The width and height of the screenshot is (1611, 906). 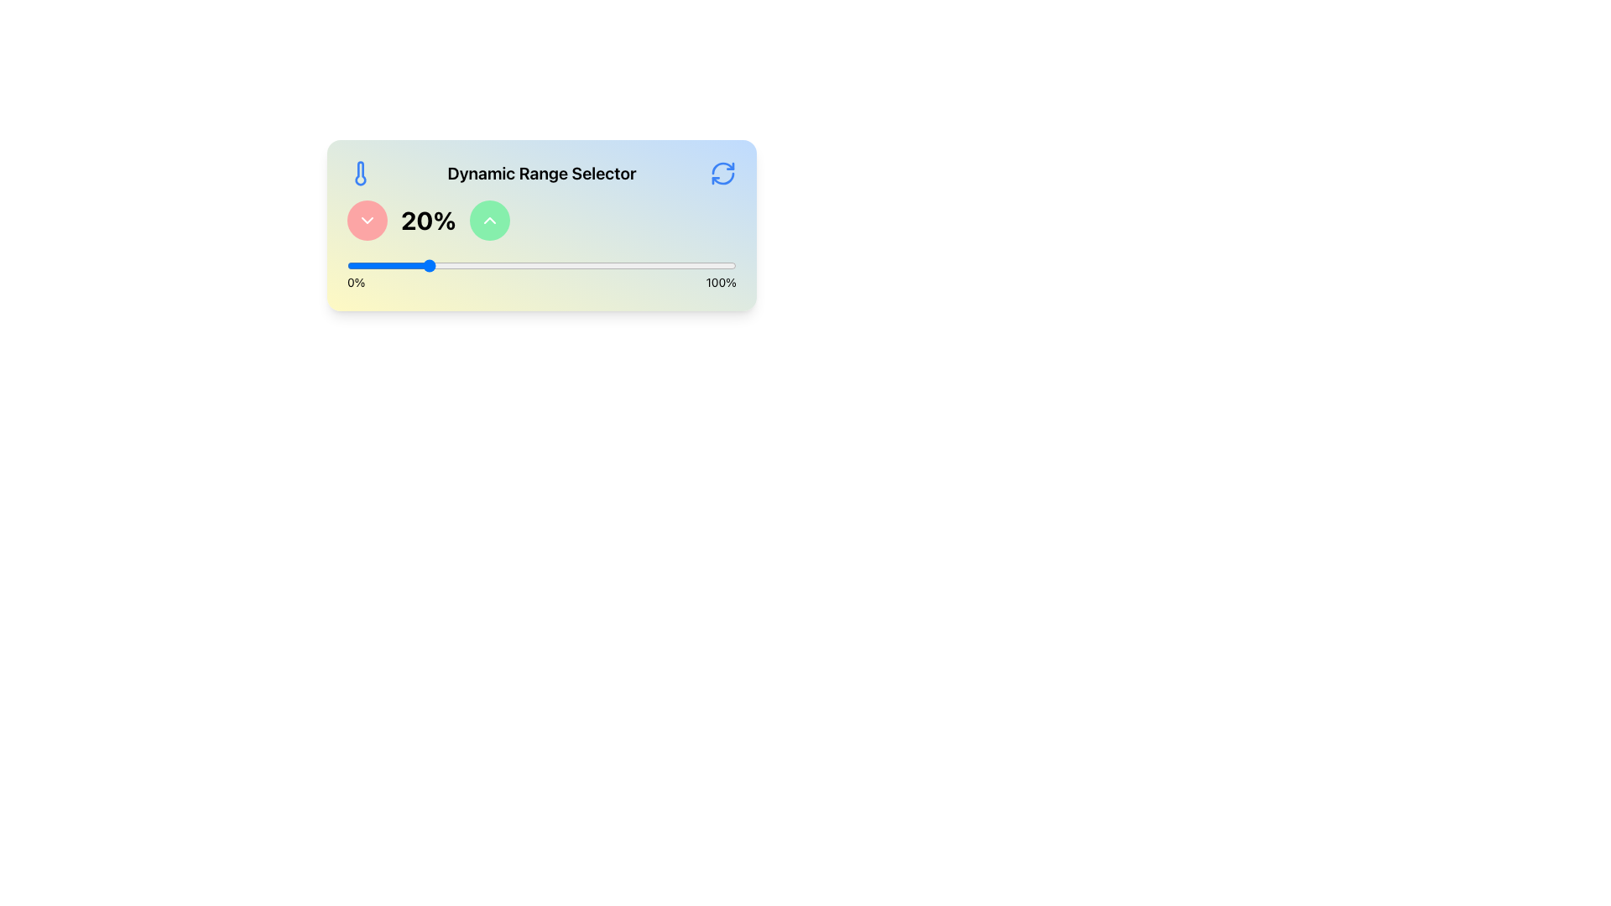 What do you see at coordinates (355, 281) in the screenshot?
I see `the static text label displaying '0%' located at the bottom-left corner of the slider interface` at bounding box center [355, 281].